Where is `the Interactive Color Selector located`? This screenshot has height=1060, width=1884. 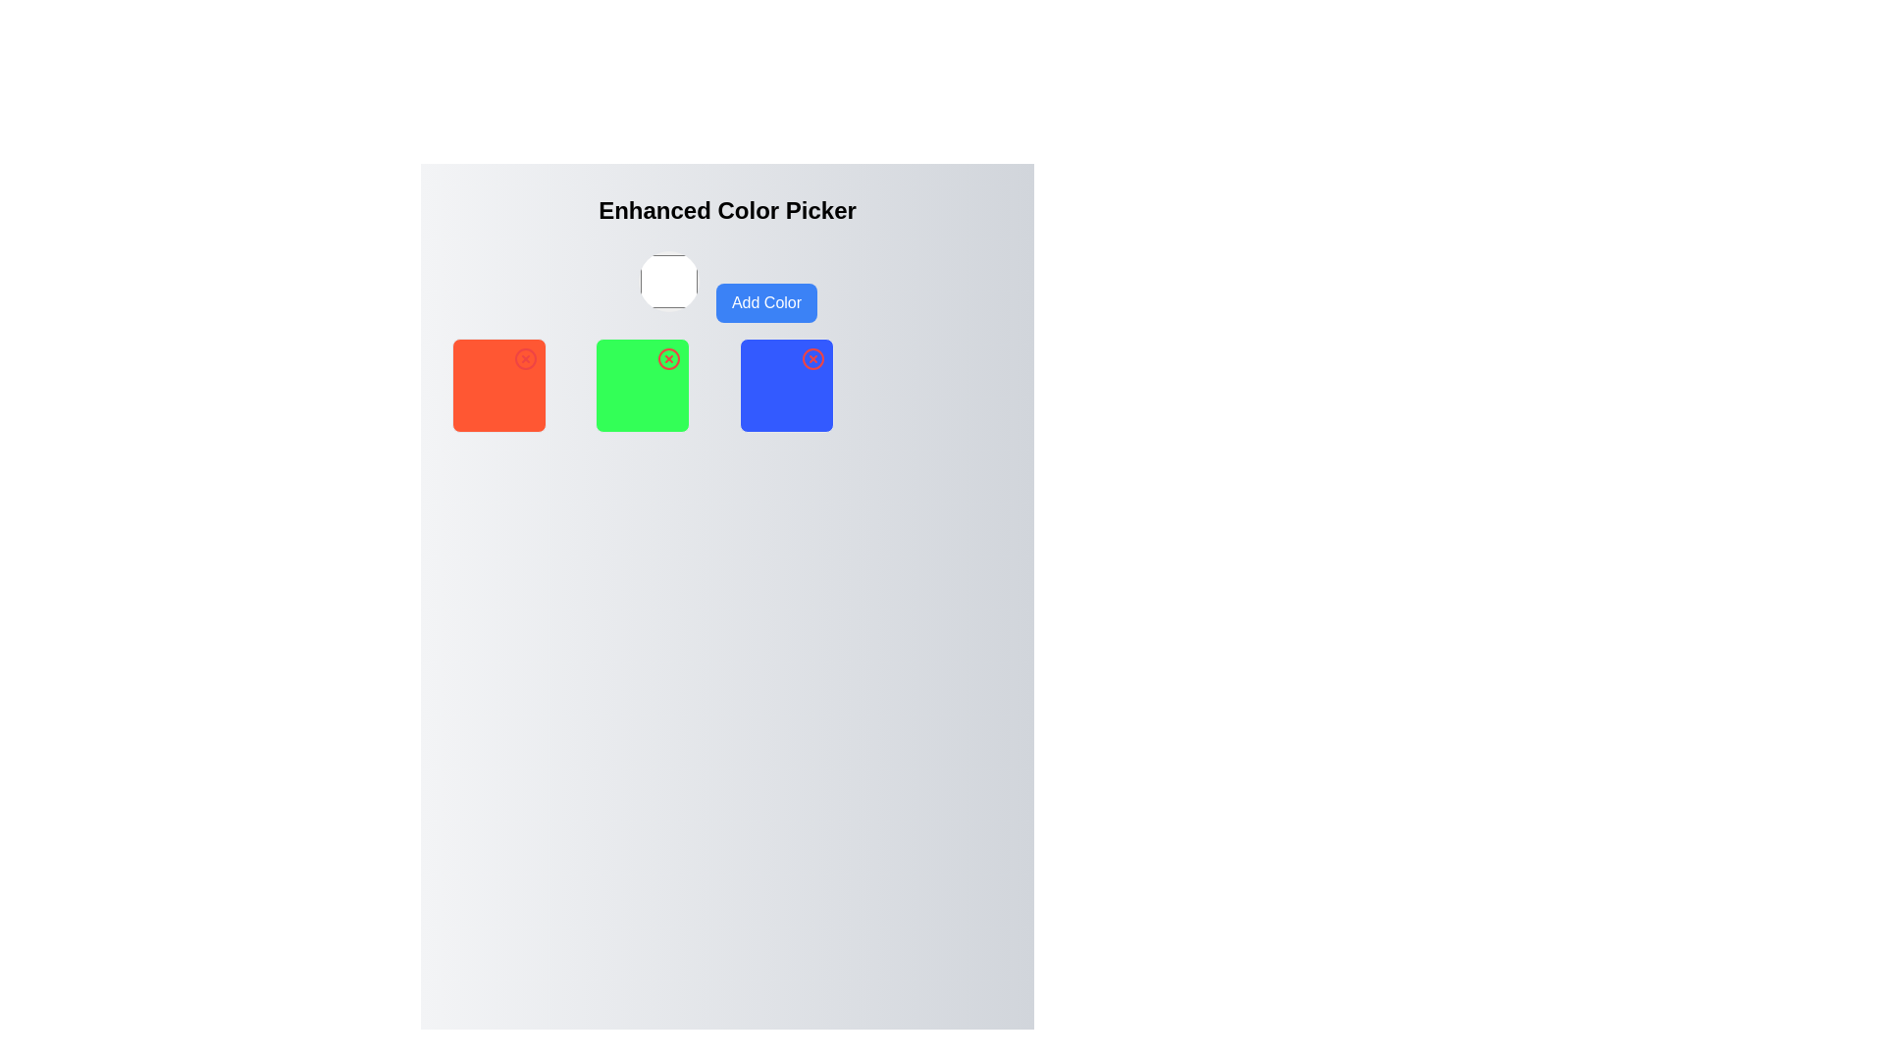
the Interactive Color Selector located is located at coordinates (668, 281).